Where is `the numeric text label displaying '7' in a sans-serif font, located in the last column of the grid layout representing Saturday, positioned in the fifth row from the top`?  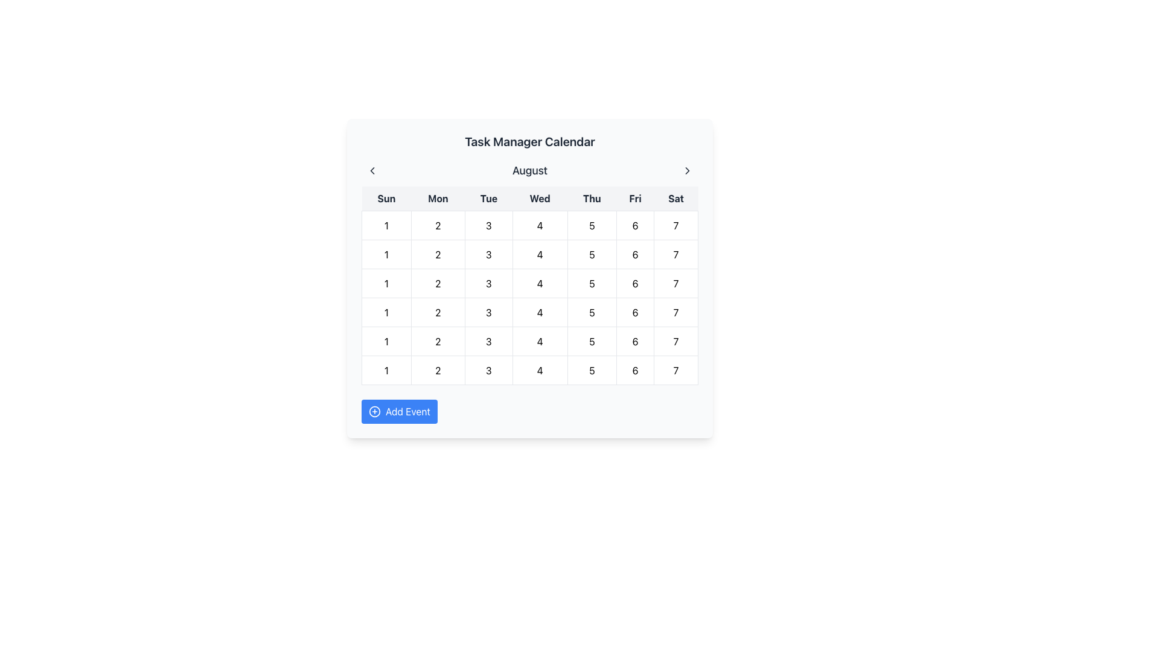
the numeric text label displaying '7' in a sans-serif font, located in the last column of the grid layout representing Saturday, positioned in the fifth row from the top is located at coordinates (676, 341).